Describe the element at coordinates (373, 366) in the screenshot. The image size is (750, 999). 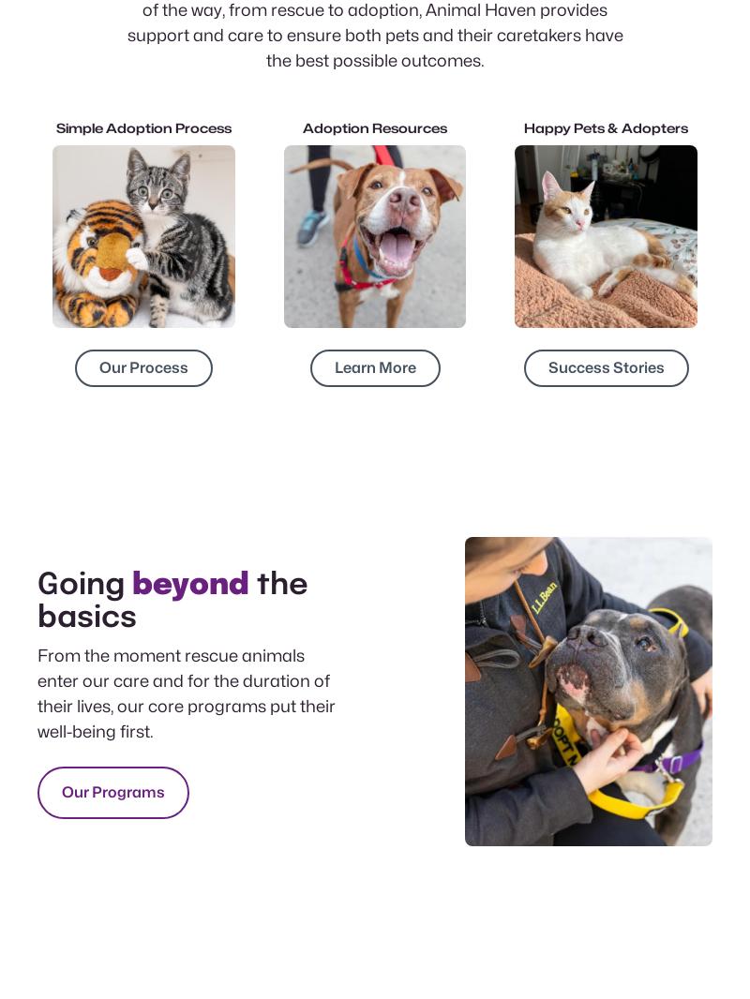
I see `'Learn More'` at that location.